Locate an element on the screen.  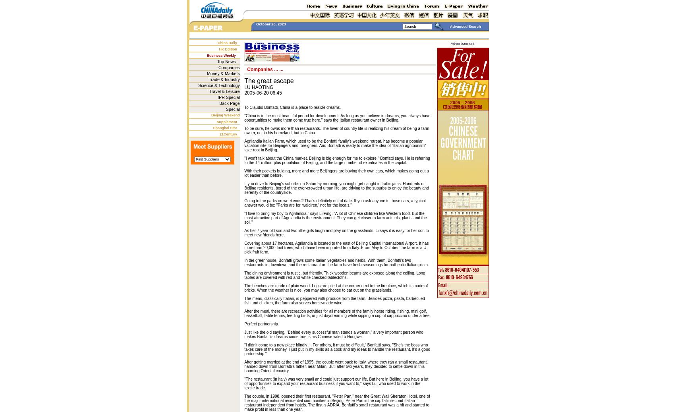
'China Daily' is located at coordinates (227, 42).